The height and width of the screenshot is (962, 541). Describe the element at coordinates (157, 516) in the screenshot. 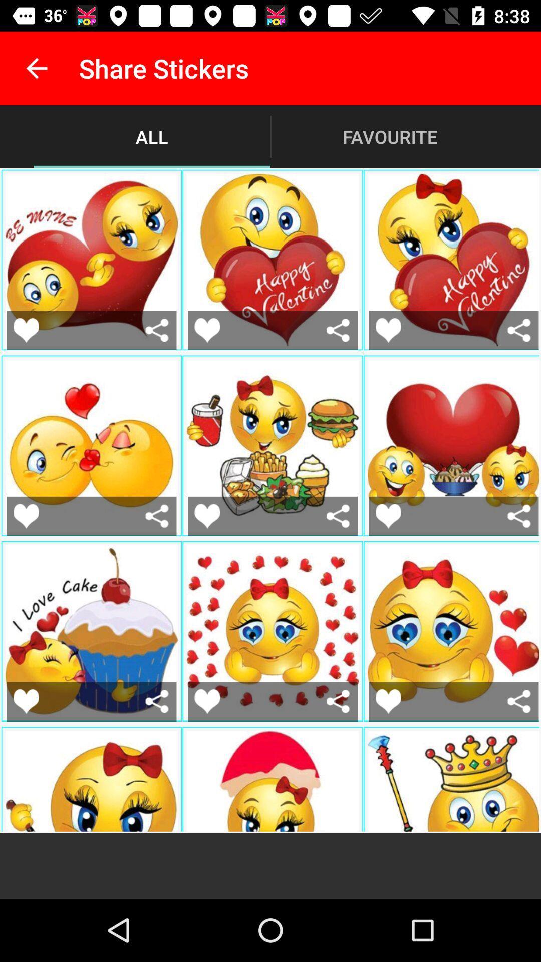

I see `share the image` at that location.